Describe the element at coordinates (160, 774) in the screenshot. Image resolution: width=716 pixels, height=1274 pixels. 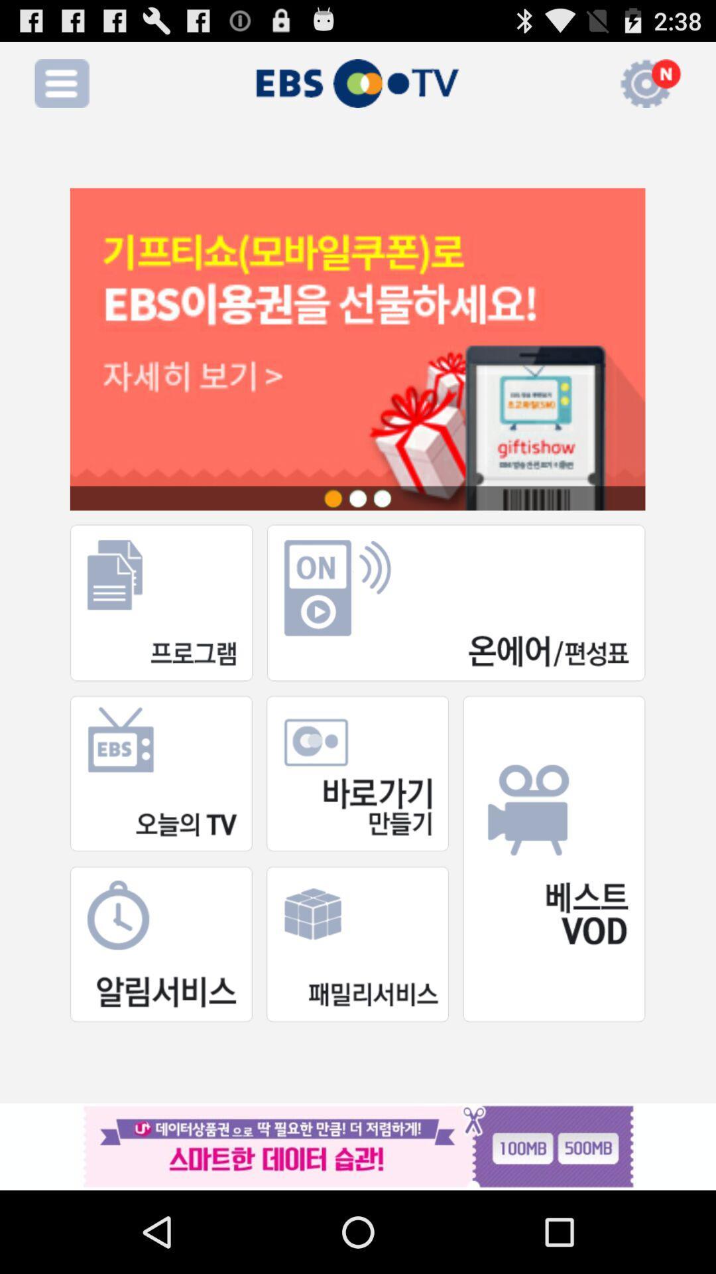
I see `the first box in the second row` at that location.